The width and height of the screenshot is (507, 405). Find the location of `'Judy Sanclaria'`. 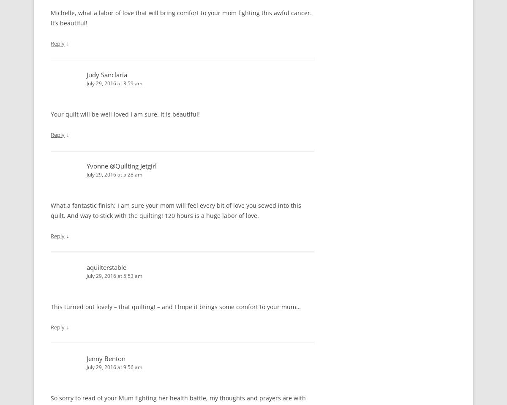

'Judy Sanclaria' is located at coordinates (106, 73).